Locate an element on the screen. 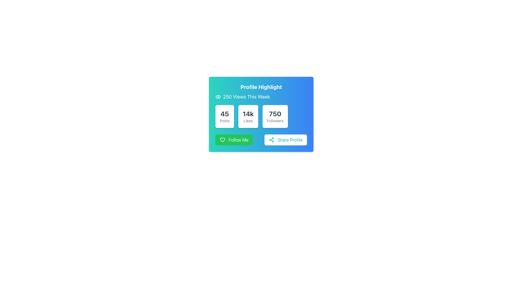 This screenshot has width=523, height=294. the eye icon, which visually represents a view or visibility metric, located to the left of the text '250 Views This Week' in a card-like component is located at coordinates (218, 96).